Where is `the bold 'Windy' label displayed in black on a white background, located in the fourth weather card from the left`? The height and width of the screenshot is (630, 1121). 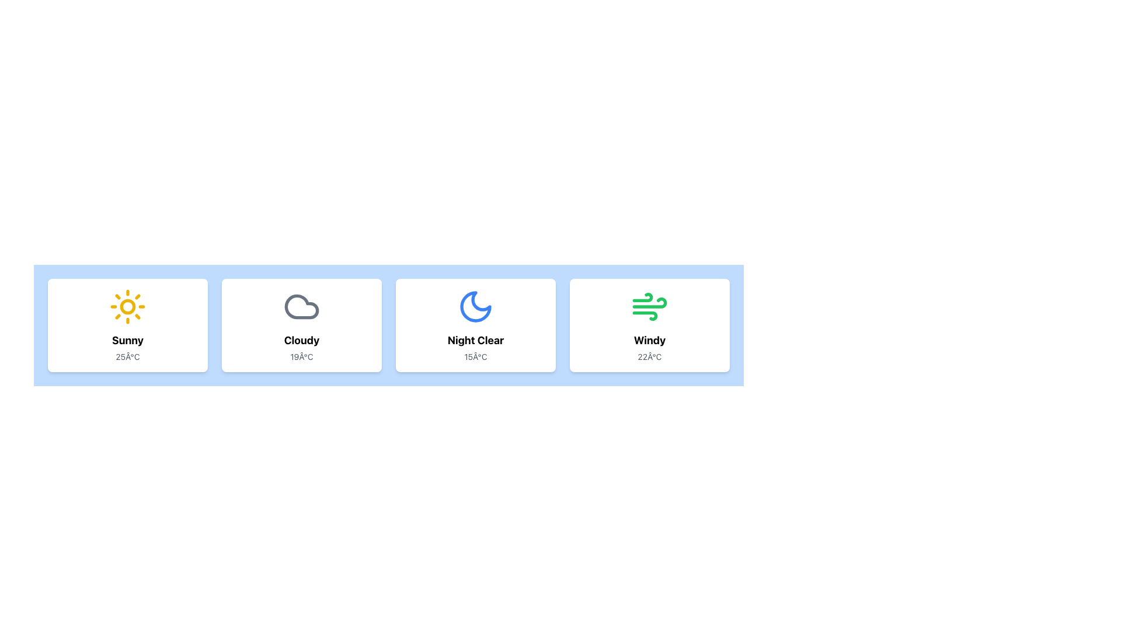 the bold 'Windy' label displayed in black on a white background, located in the fourth weather card from the left is located at coordinates (649, 340).